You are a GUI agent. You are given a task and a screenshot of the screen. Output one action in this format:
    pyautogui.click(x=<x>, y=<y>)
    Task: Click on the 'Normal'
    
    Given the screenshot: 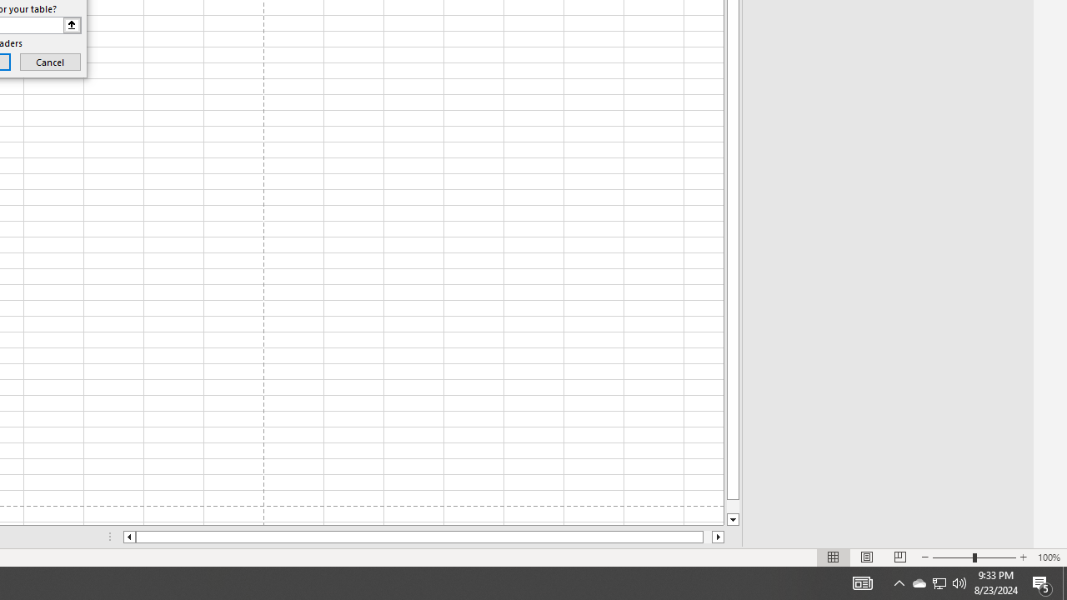 What is the action you would take?
    pyautogui.click(x=834, y=557)
    